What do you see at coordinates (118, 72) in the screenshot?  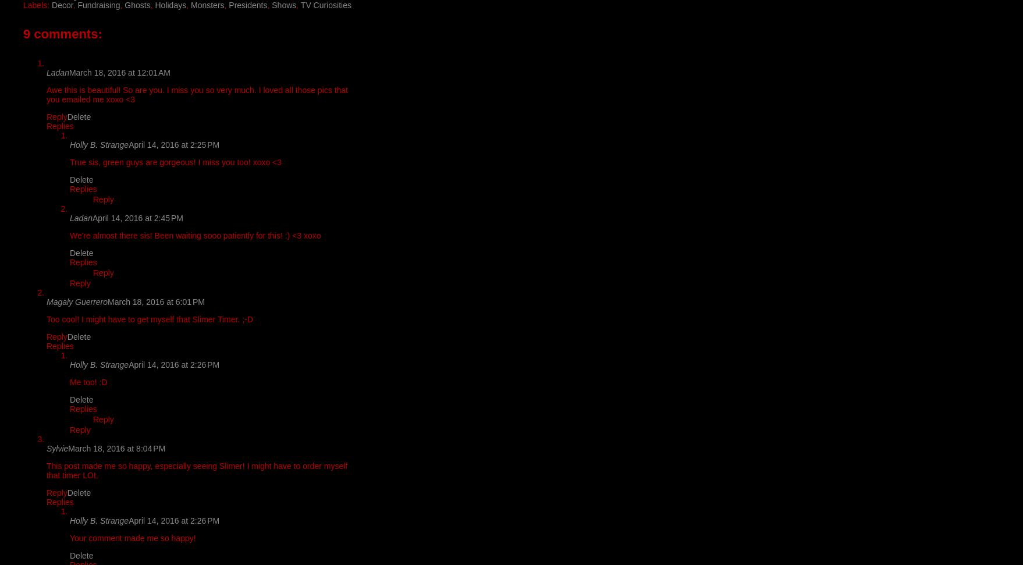 I see `'March 18, 2016 at 12:01 AM'` at bounding box center [118, 72].